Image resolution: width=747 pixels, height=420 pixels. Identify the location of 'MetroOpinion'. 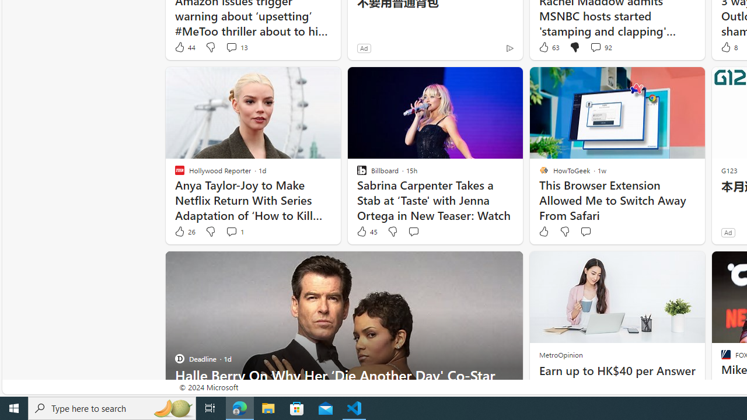
(560, 354).